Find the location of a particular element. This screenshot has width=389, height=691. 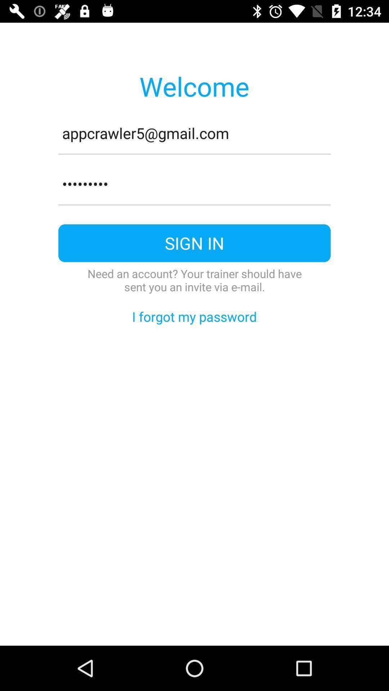

the crowd3116 item is located at coordinates (194, 184).